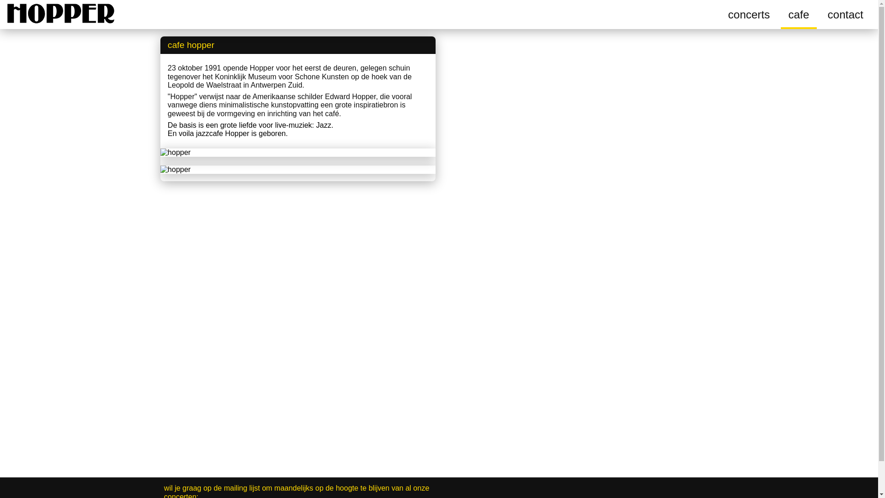  What do you see at coordinates (749, 14) in the screenshot?
I see `'concerts'` at bounding box center [749, 14].